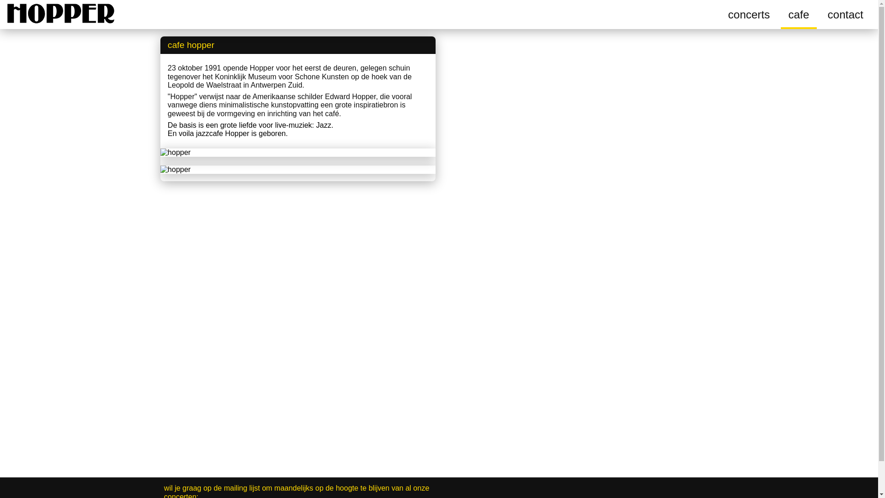  What do you see at coordinates (749, 14) in the screenshot?
I see `'concerts'` at bounding box center [749, 14].